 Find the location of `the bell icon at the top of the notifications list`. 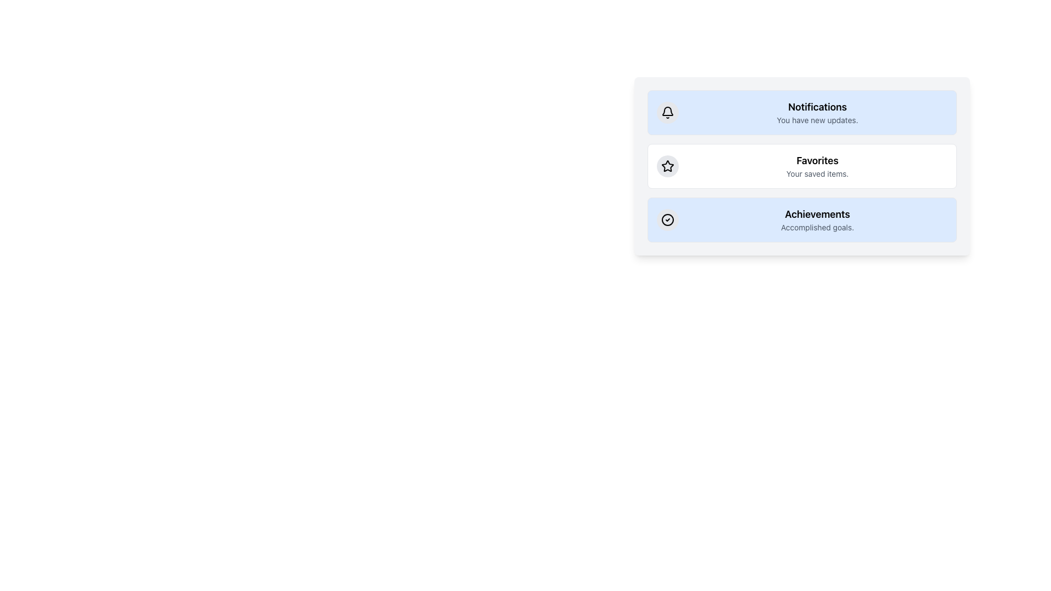

the bell icon at the top of the notifications list is located at coordinates (667, 112).